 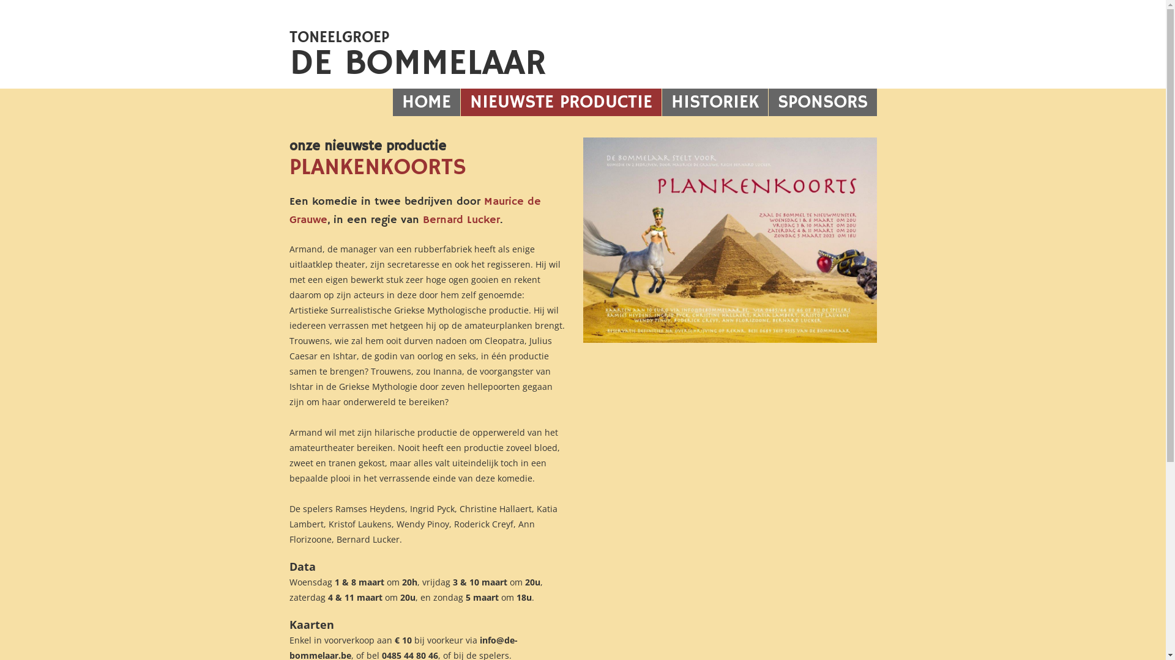 What do you see at coordinates (715, 101) in the screenshot?
I see `'HISTORIEK'` at bounding box center [715, 101].